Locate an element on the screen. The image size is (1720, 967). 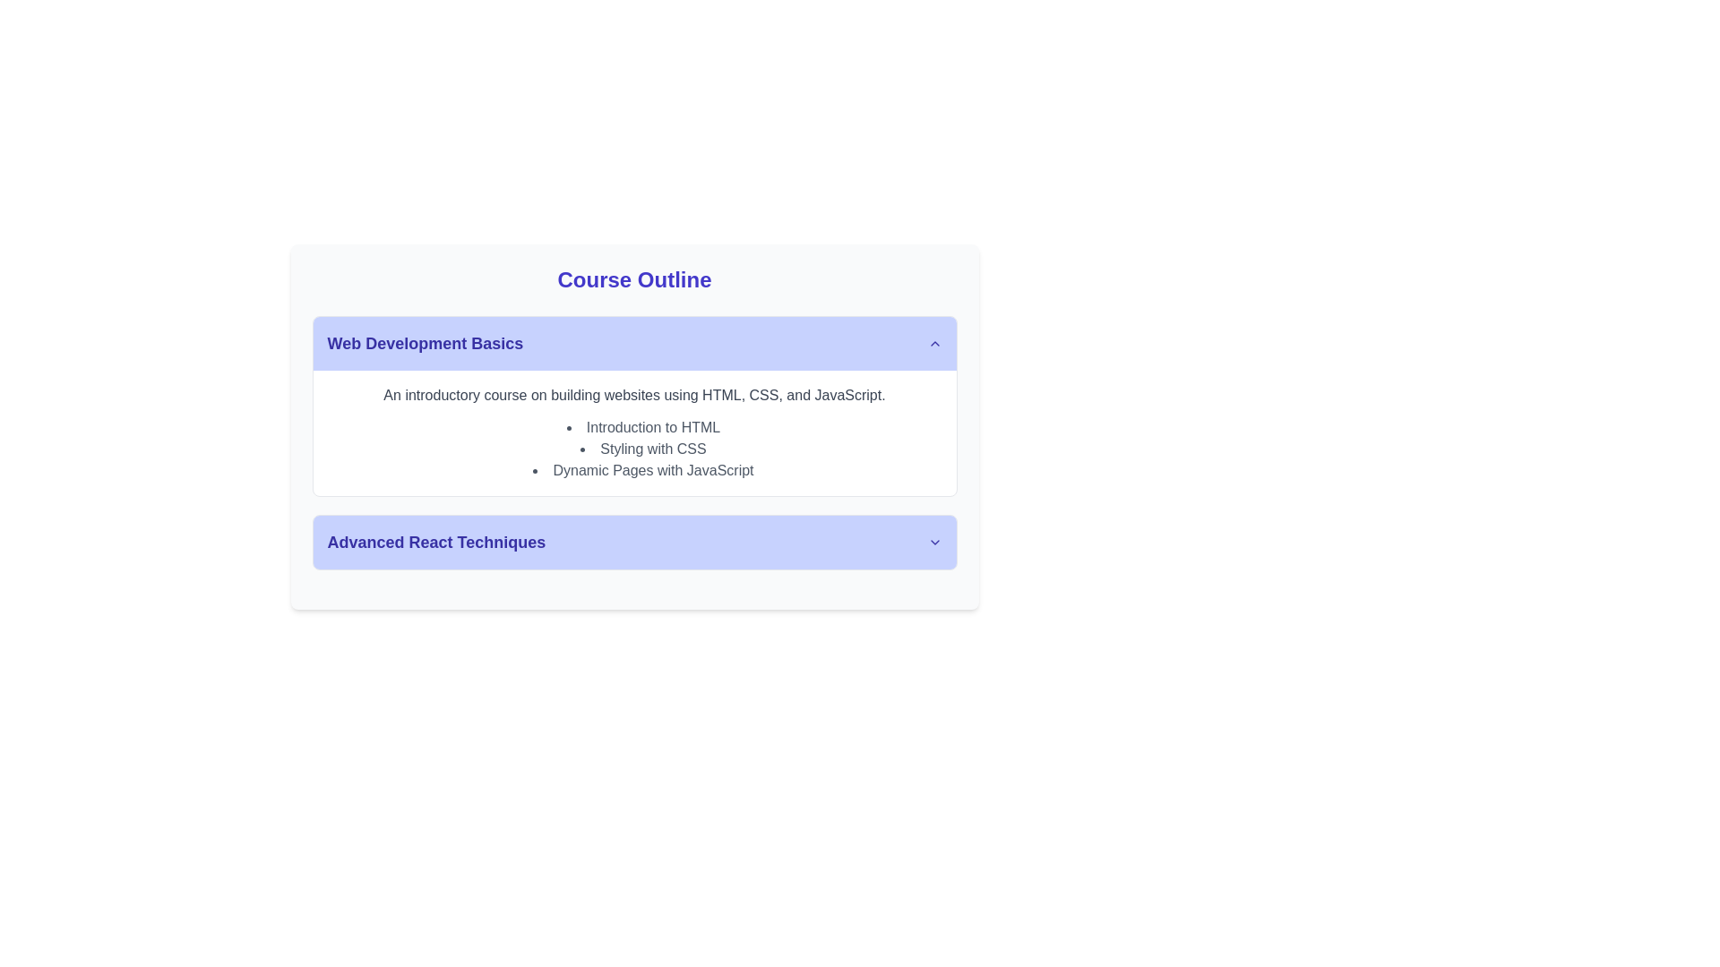
text of the third list item titled 'Dynamic Pages with JavaScript' located under the 'Web Development Basics' section is located at coordinates (643, 469).